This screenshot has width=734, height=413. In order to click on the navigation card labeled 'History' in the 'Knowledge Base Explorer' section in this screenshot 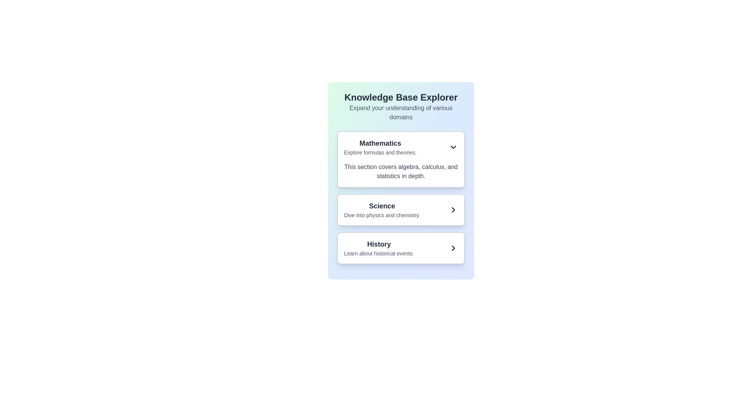, I will do `click(401, 248)`.